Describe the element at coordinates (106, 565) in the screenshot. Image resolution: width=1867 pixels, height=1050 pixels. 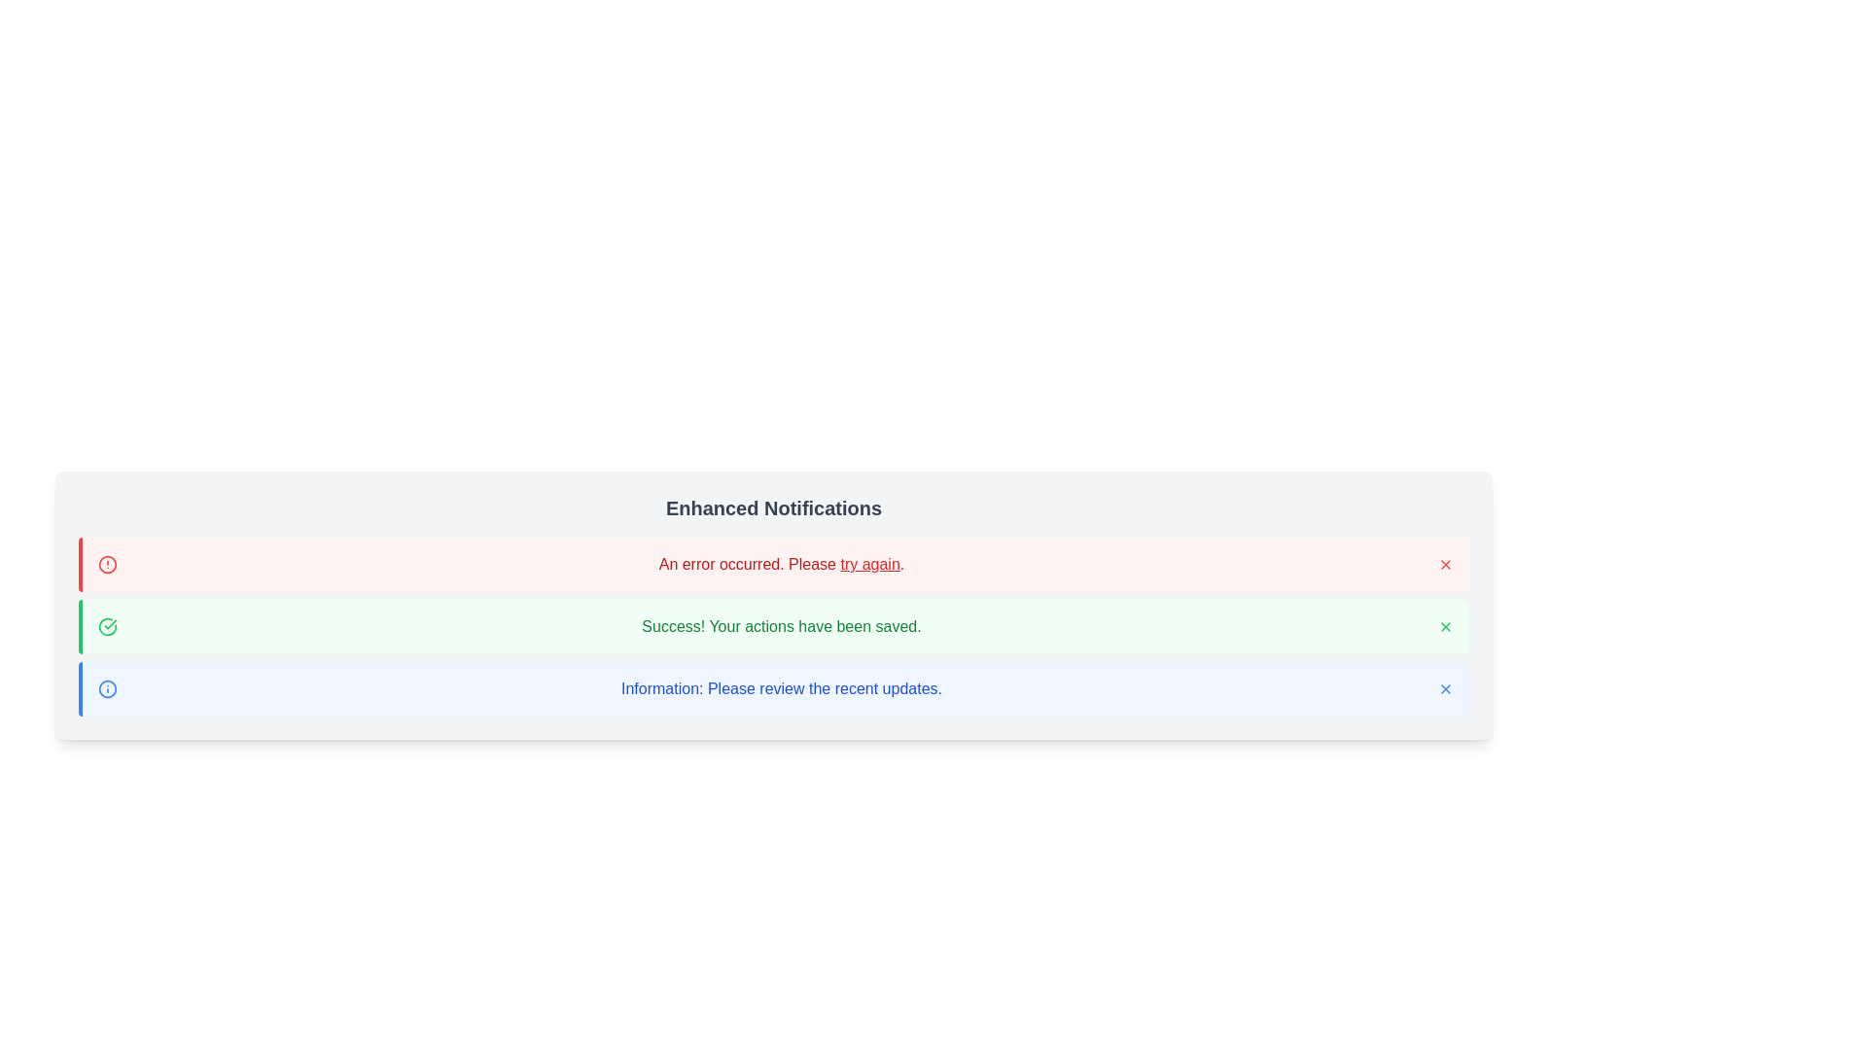
I see `the error icon located at the leftmost part of the alert box displaying 'An error occurred. Please try again.'` at that location.